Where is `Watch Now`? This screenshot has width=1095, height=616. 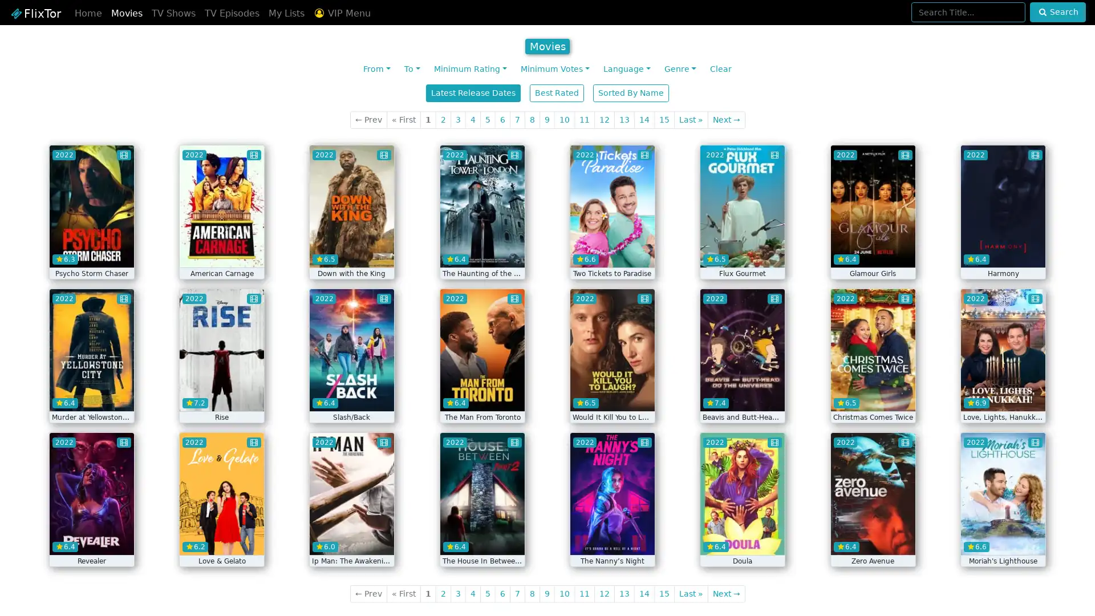 Watch Now is located at coordinates (221, 250).